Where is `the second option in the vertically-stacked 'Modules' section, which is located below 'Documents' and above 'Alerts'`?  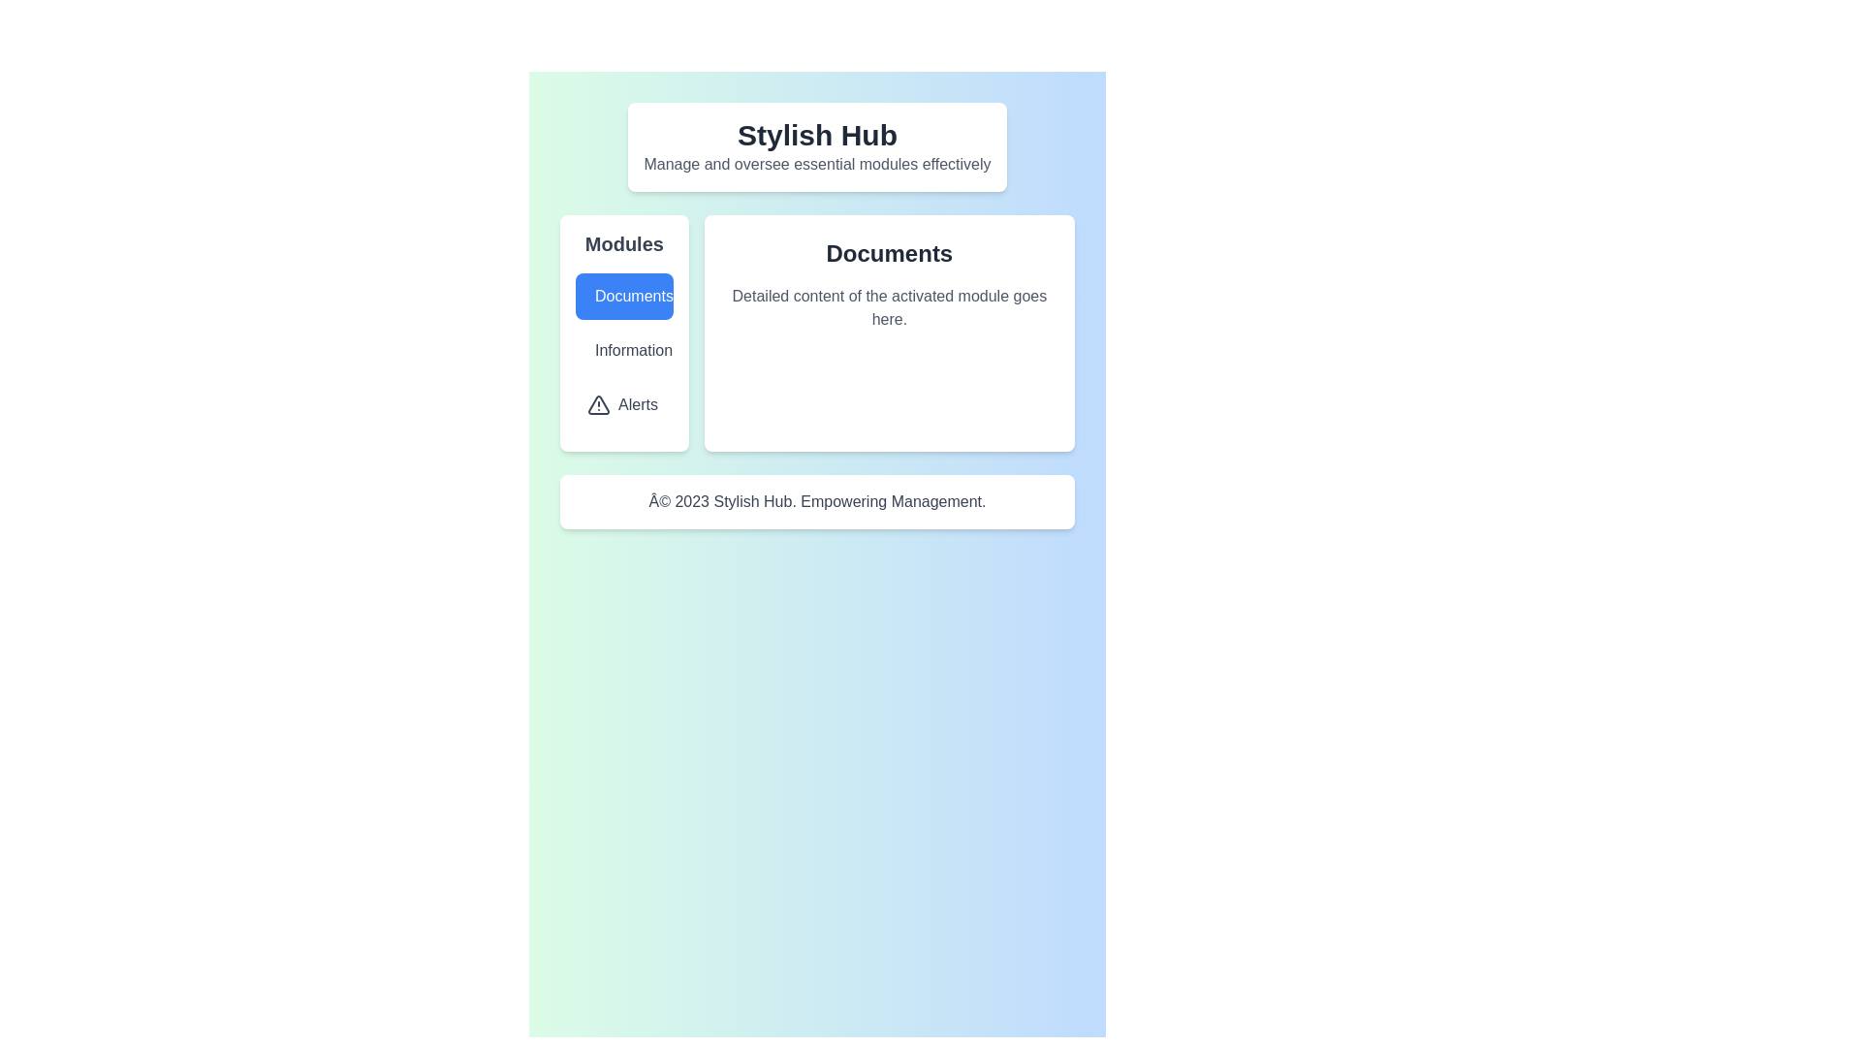
the second option in the vertically-stacked 'Modules' section, which is located below 'Documents' and above 'Alerts' is located at coordinates (624, 351).